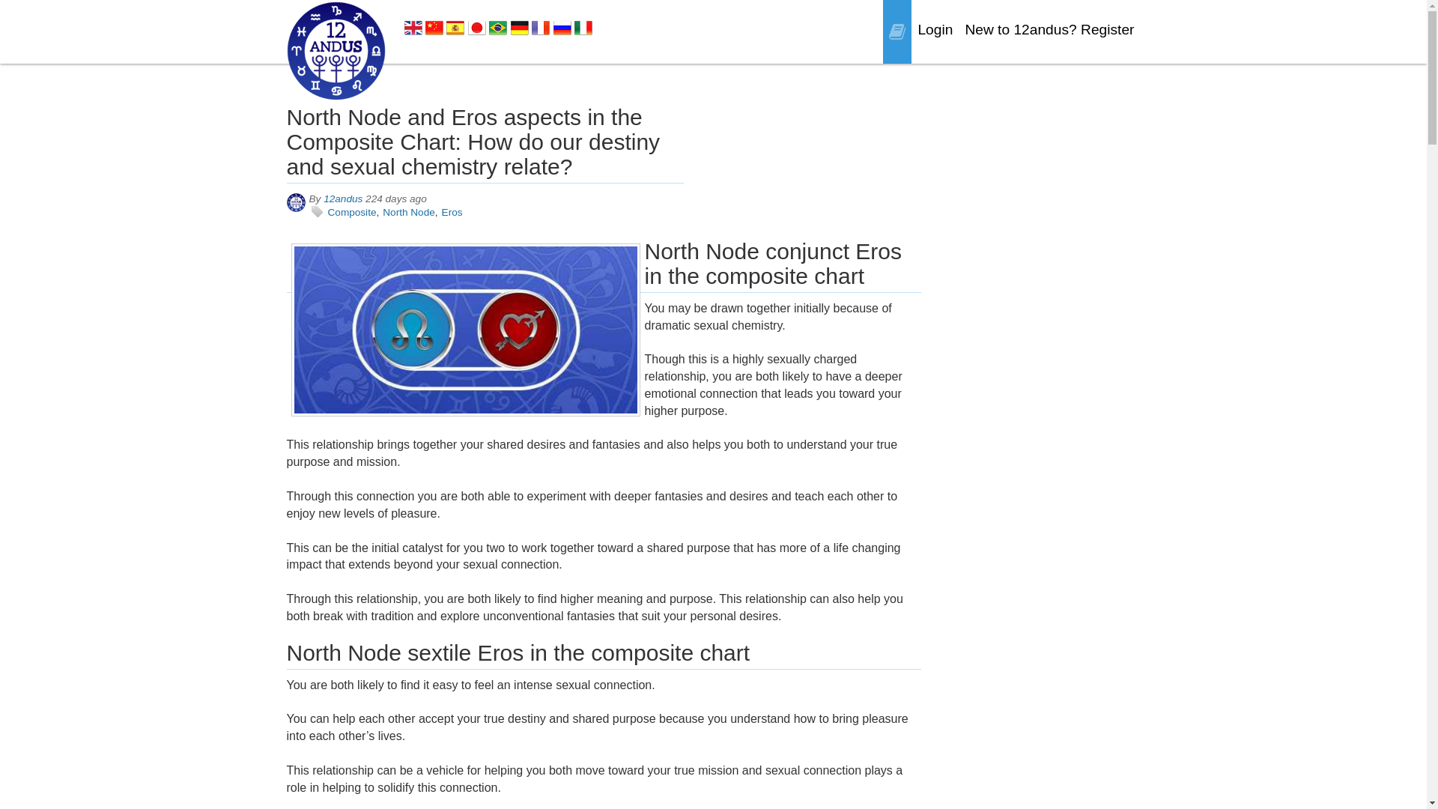 The height and width of the screenshot is (809, 1438). What do you see at coordinates (488, 28) in the screenshot?
I see `'Brazilian Portuguese'` at bounding box center [488, 28].